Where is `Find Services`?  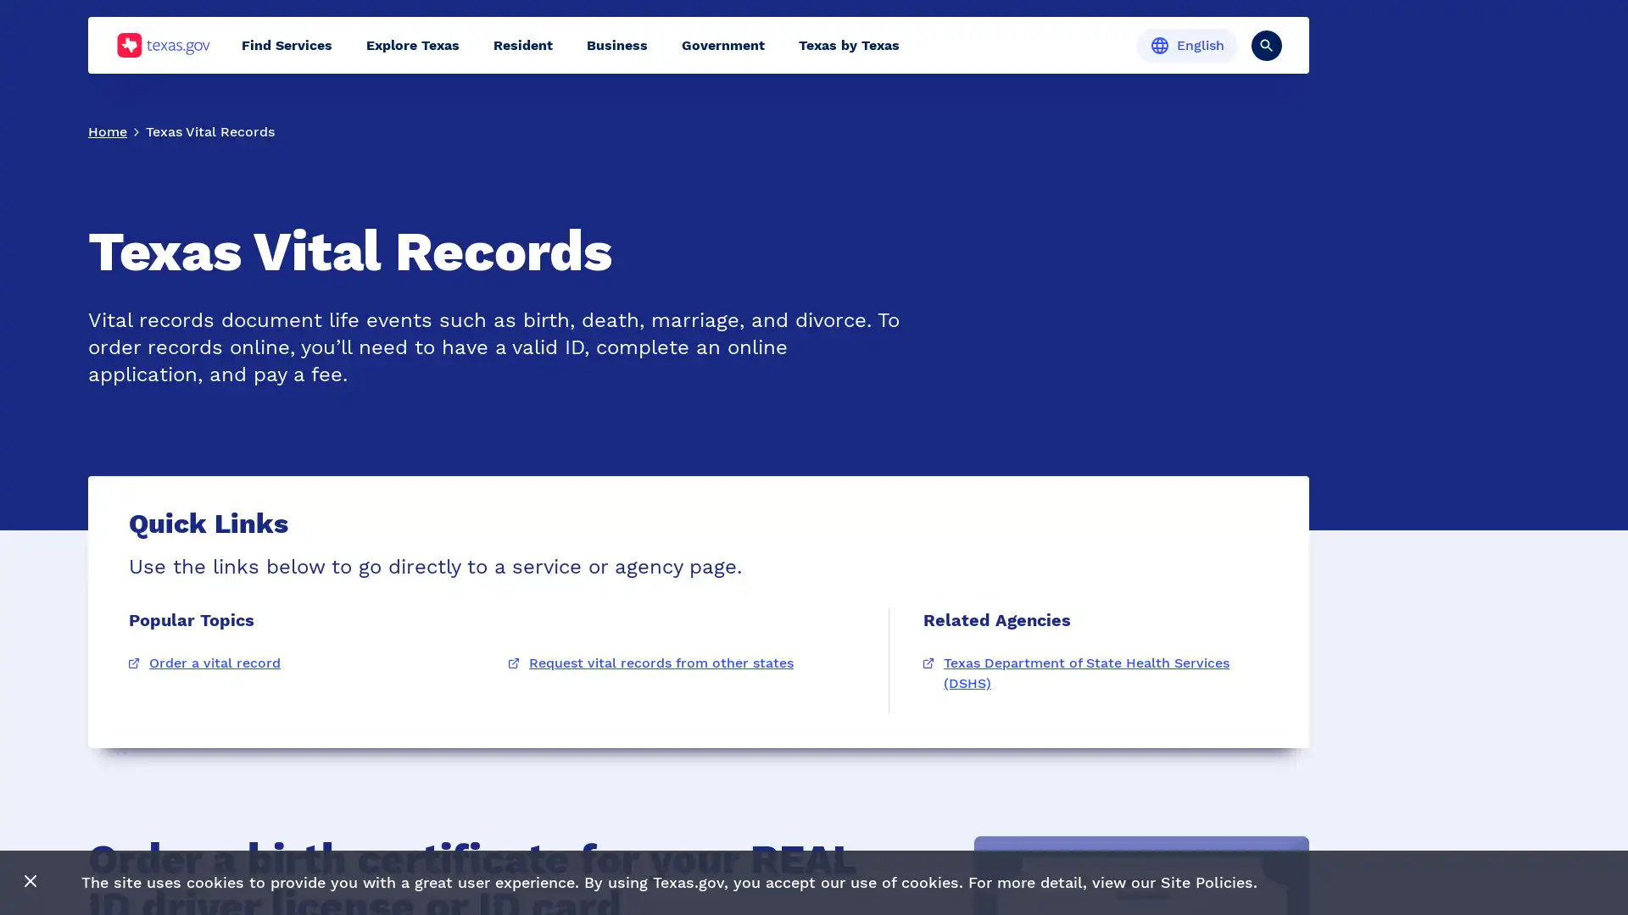
Find Services is located at coordinates (287, 44).